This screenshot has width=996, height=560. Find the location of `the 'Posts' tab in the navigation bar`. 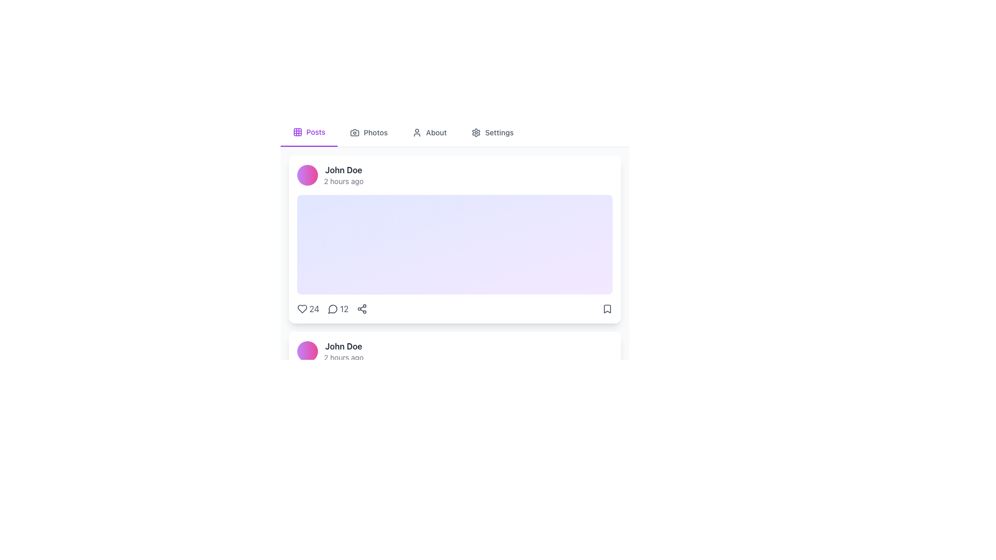

the 'Posts' tab in the navigation bar is located at coordinates (308, 132).